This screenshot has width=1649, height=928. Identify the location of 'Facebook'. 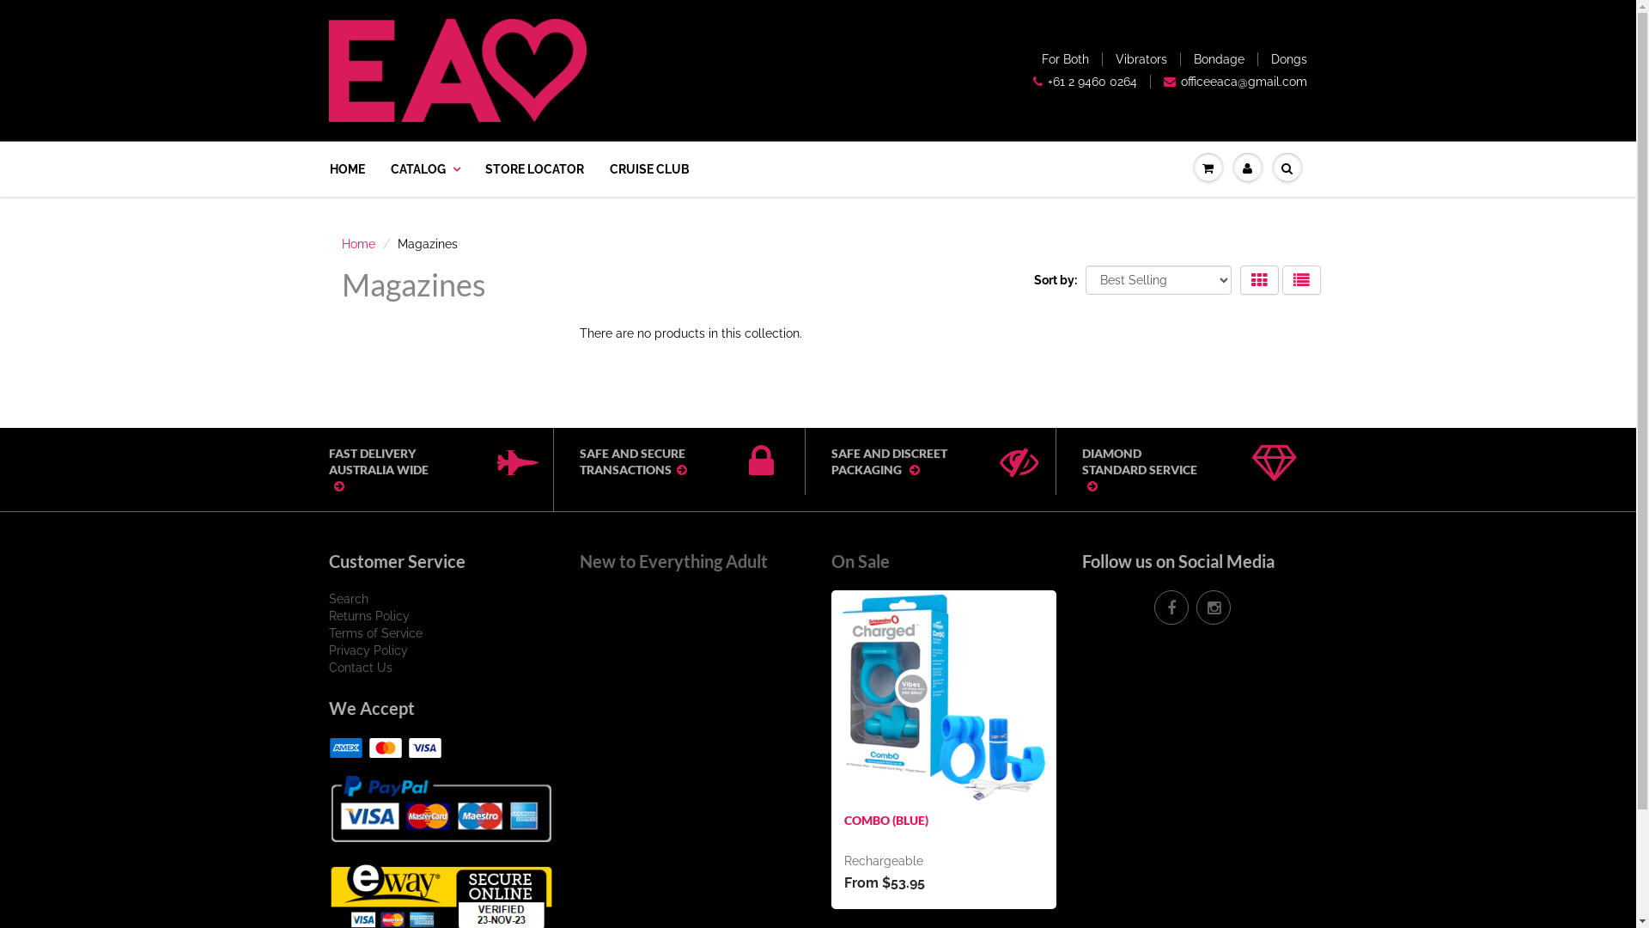
(1170, 606).